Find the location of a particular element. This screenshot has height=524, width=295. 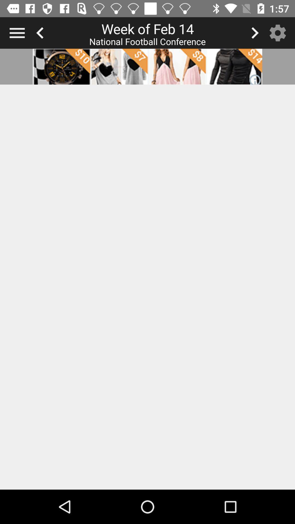

open advertisement is located at coordinates (147, 66).